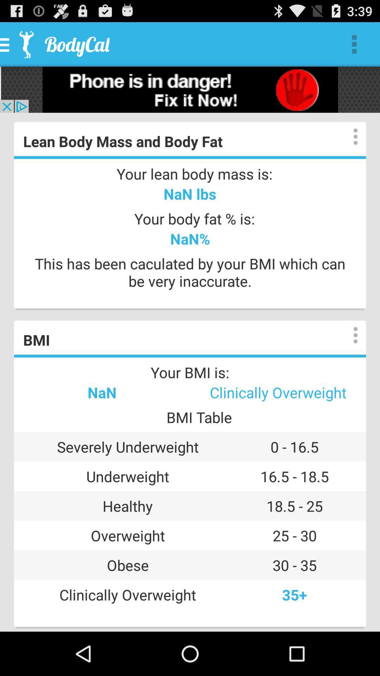 The width and height of the screenshot is (380, 676). Describe the element at coordinates (348, 335) in the screenshot. I see `options` at that location.